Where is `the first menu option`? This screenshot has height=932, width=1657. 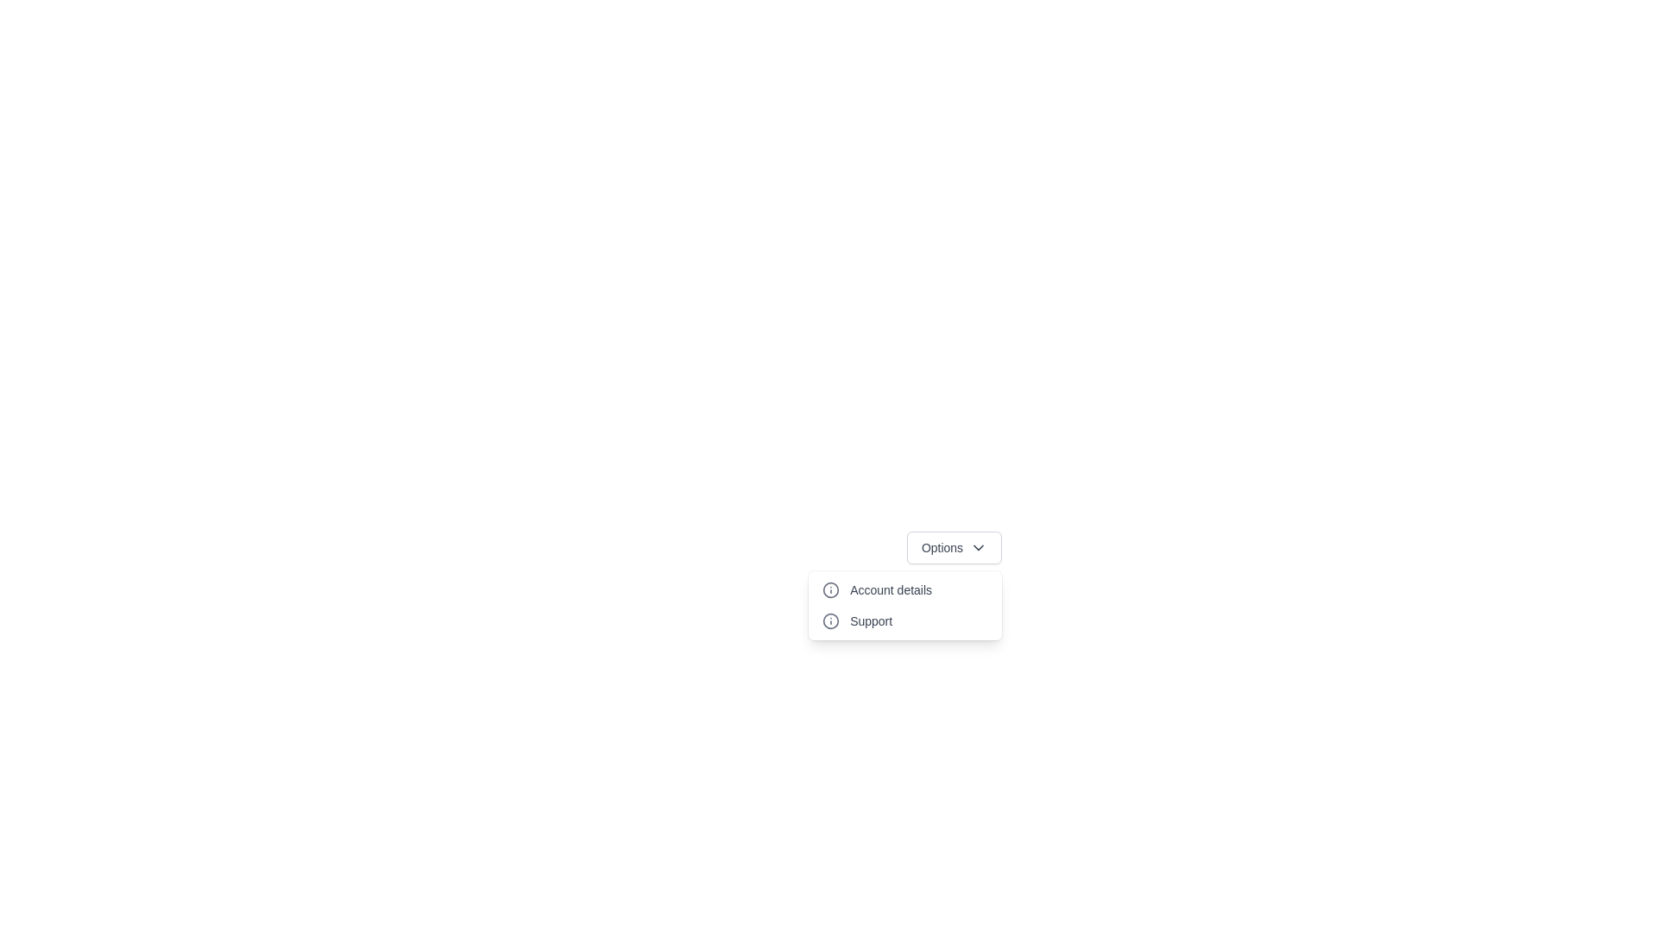
the first menu option is located at coordinates (904, 589).